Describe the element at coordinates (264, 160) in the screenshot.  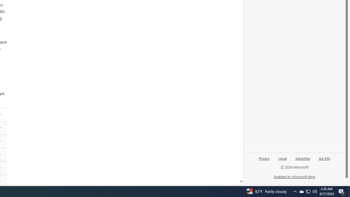
I see `'Privacy'` at that location.